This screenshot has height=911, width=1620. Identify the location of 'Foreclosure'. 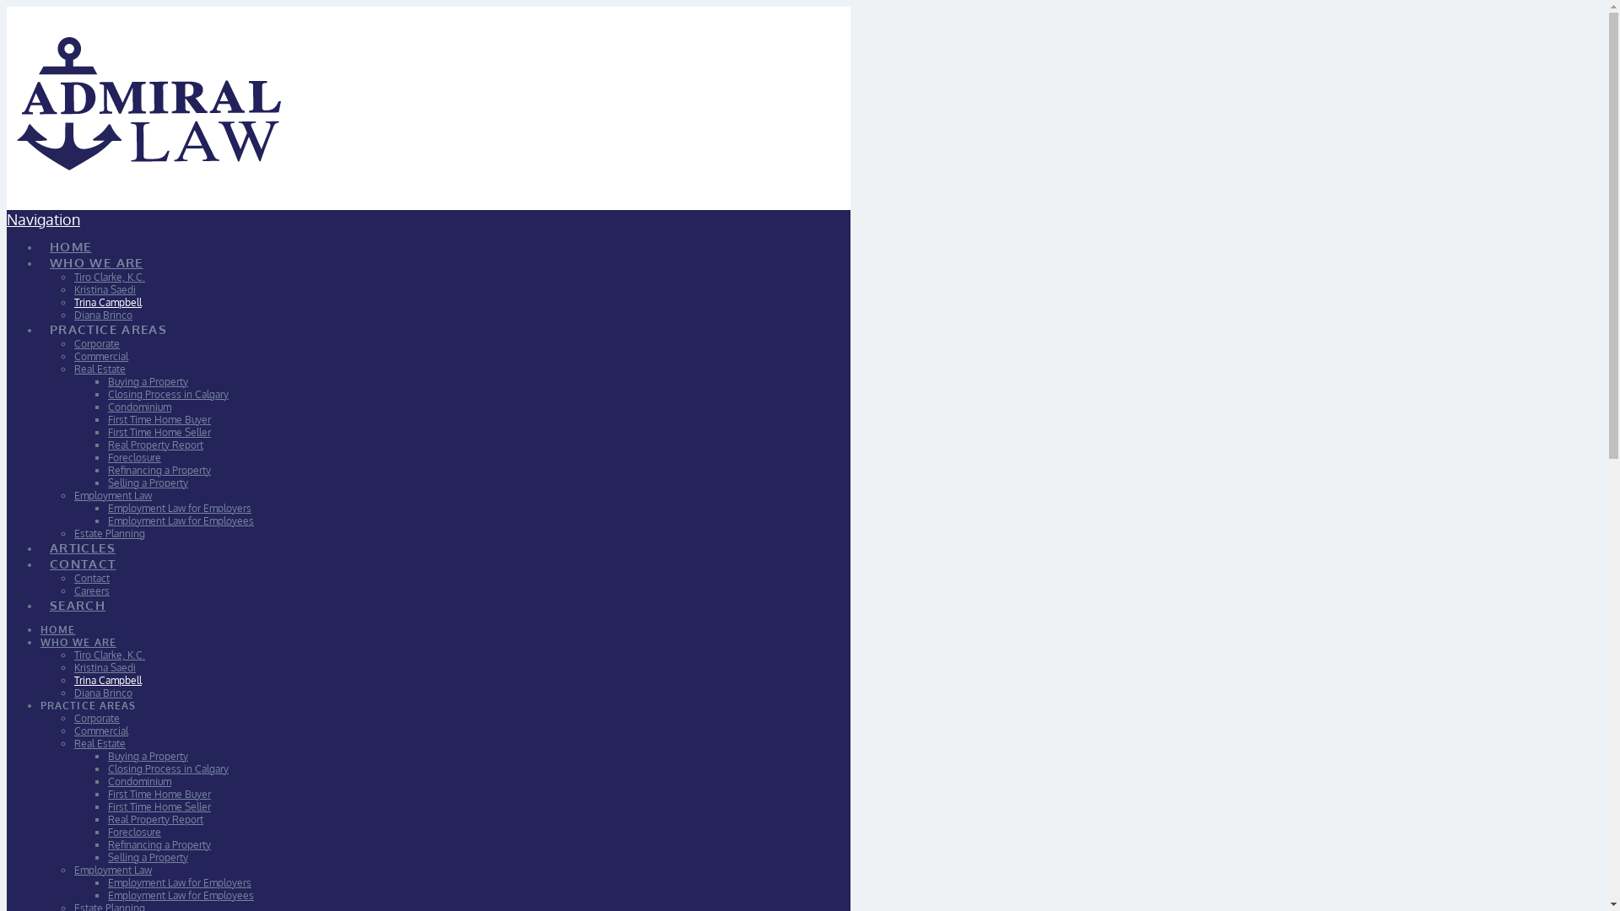
(133, 831).